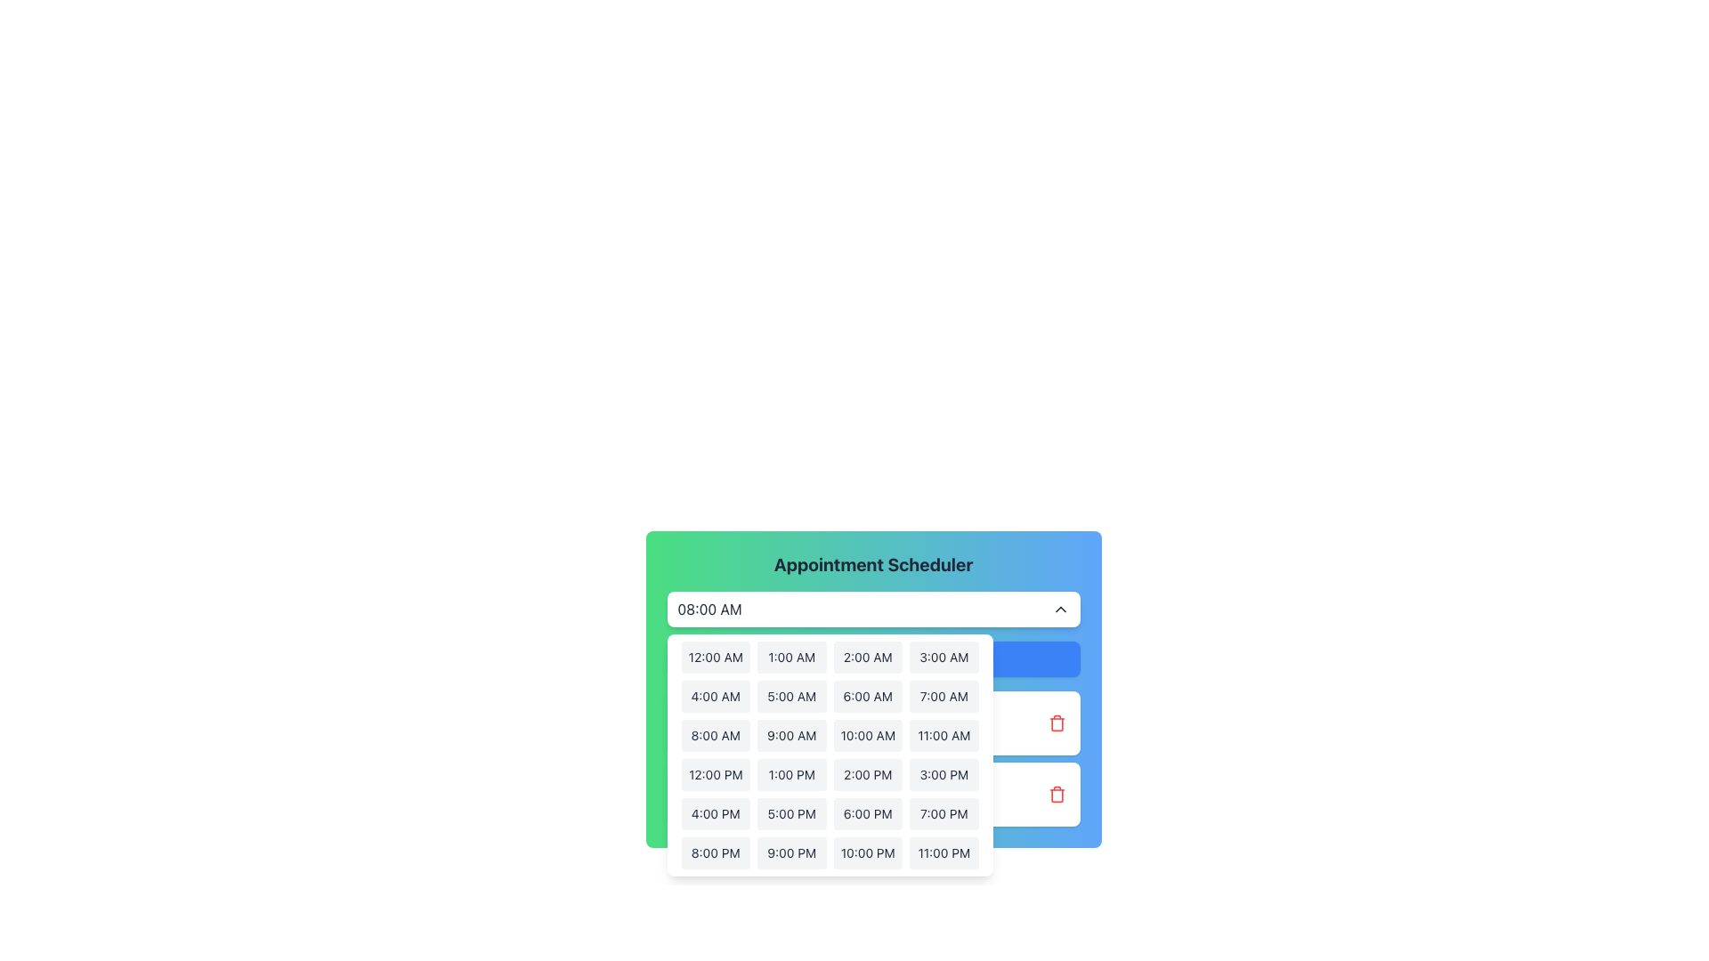  Describe the element at coordinates (868, 696) in the screenshot. I see `the button labeled '6:00 AM' in the Appointment Scheduler` at that location.